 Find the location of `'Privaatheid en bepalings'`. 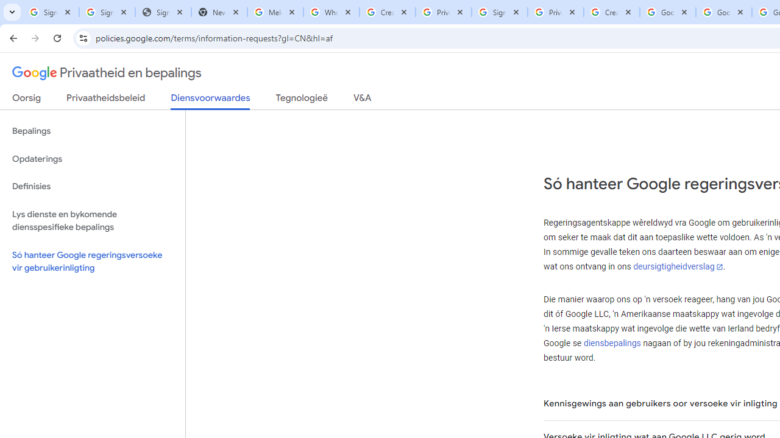

'Privaatheid en bepalings' is located at coordinates (107, 73).